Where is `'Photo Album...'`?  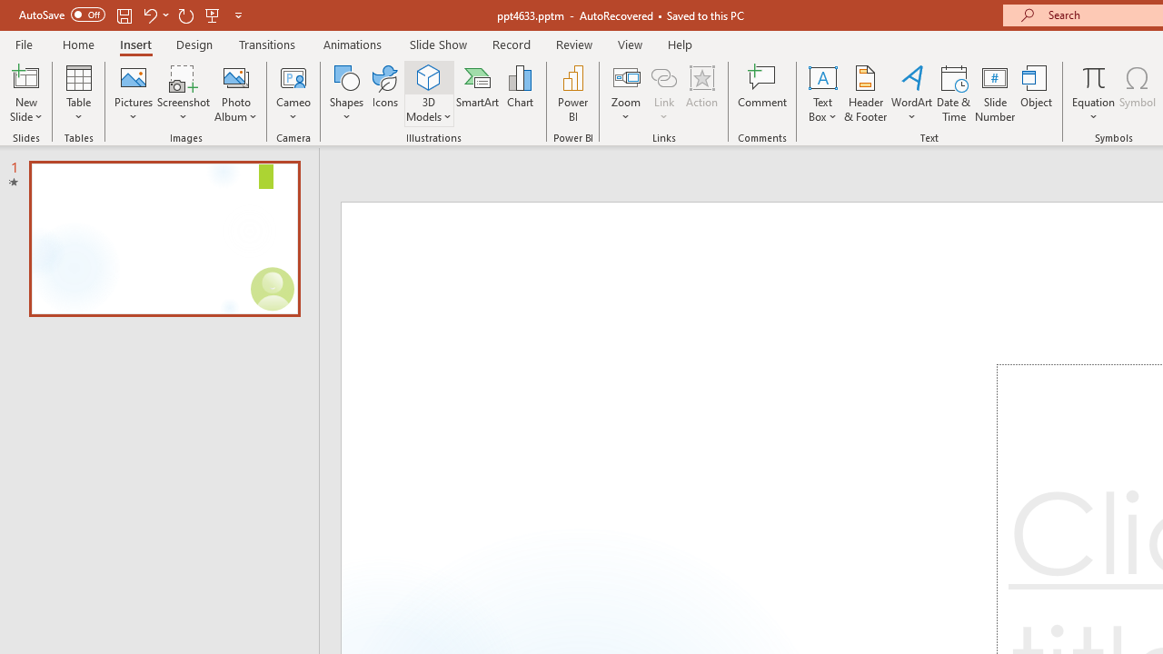 'Photo Album...' is located at coordinates (234, 94).